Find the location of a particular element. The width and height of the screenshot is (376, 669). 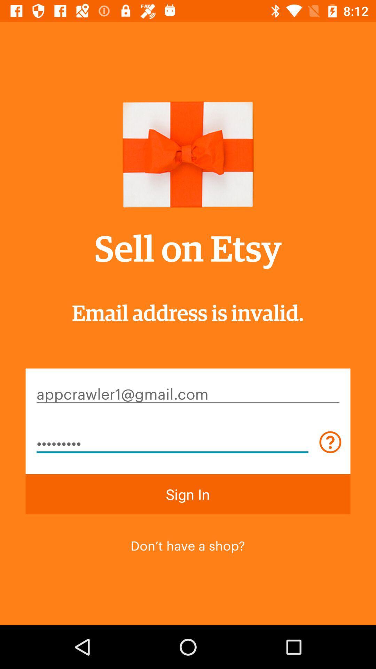

the item below sign in is located at coordinates (187, 544).